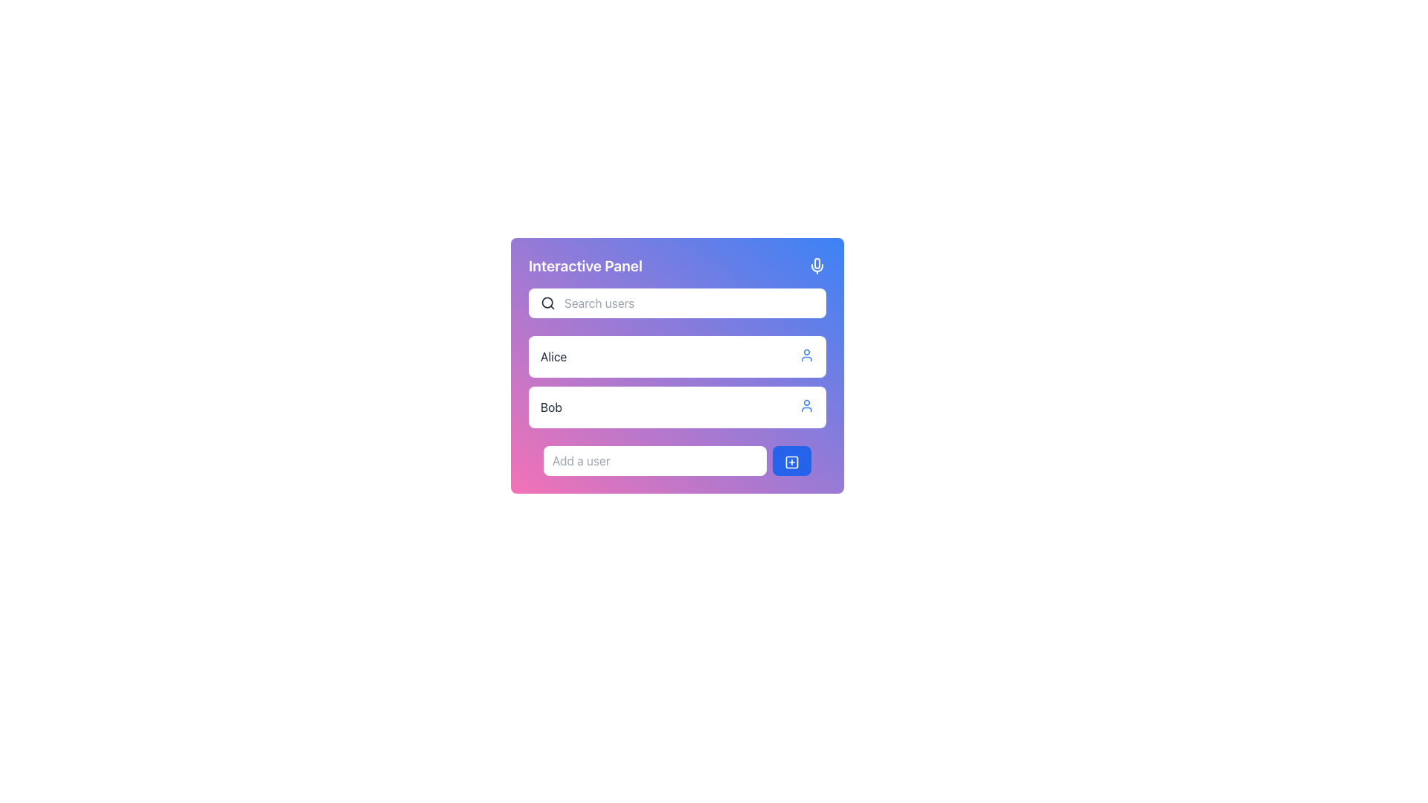 This screenshot has height=803, width=1428. Describe the element at coordinates (553, 356) in the screenshot. I see `the Text Label displaying the user's name within the user list or profile card located at the top-left corner of the card` at that location.